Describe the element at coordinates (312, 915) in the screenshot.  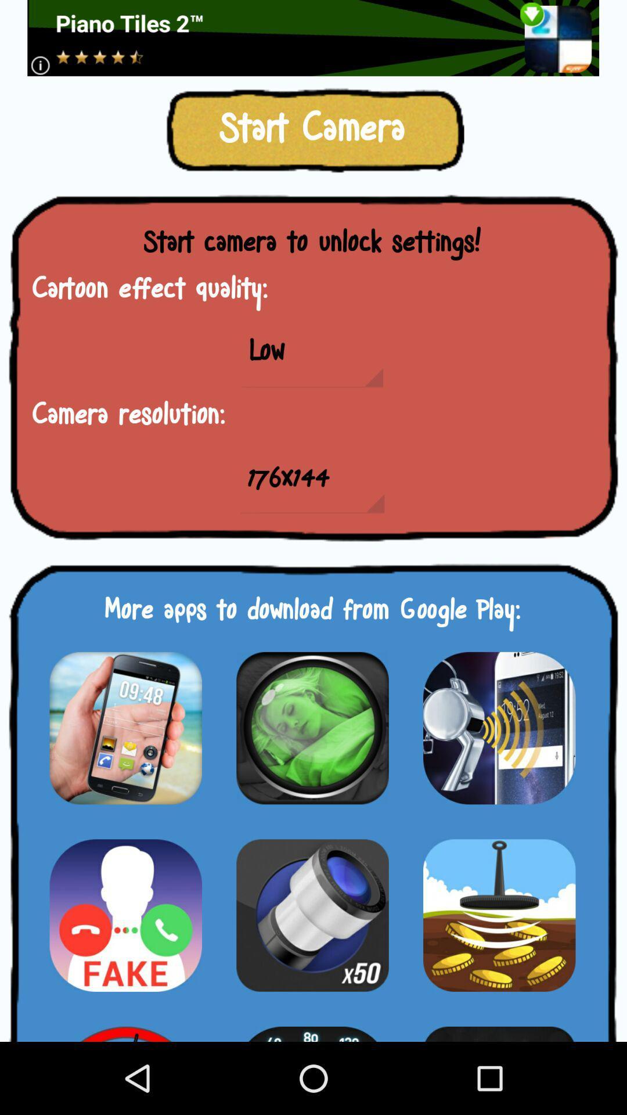
I see `start camera` at that location.